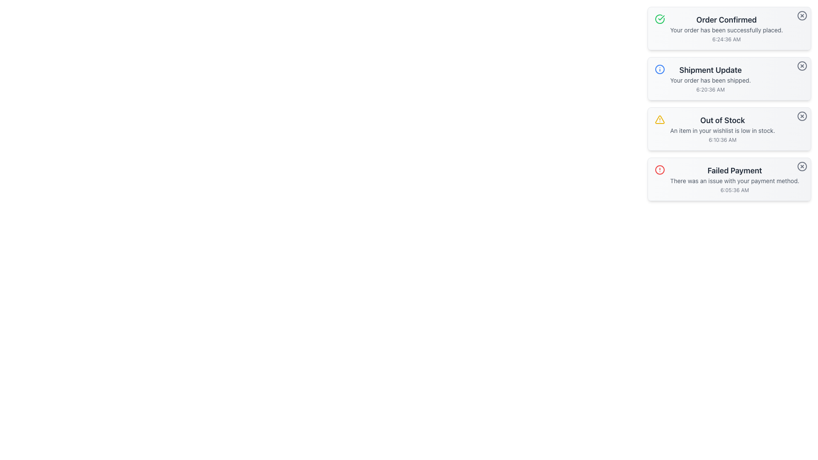  What do you see at coordinates (722, 131) in the screenshot?
I see `the secondary information text label that provides details about the 'Out of Stock' status, located in the third notification card under the bold 'Out of Stock' title` at bounding box center [722, 131].